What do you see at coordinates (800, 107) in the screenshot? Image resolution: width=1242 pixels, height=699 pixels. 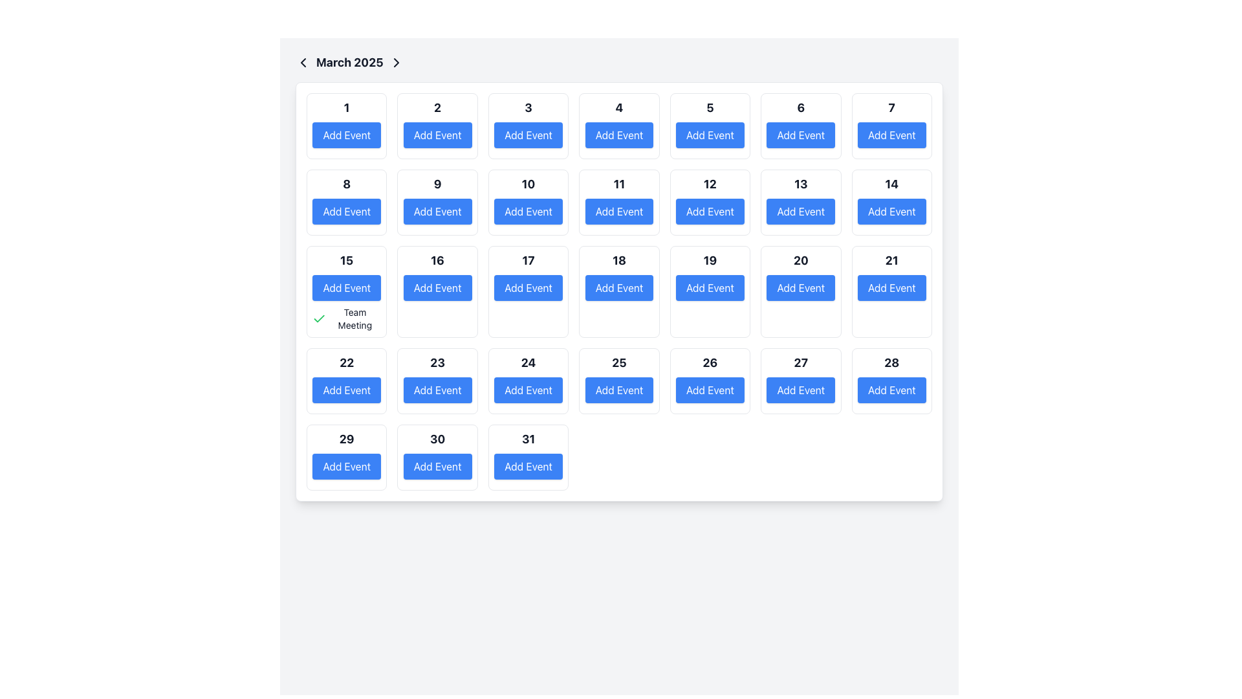 I see `the Text Label indicating the day number for March 6th, located in the top-right portion of the calendar above the 'Add Event' button` at bounding box center [800, 107].